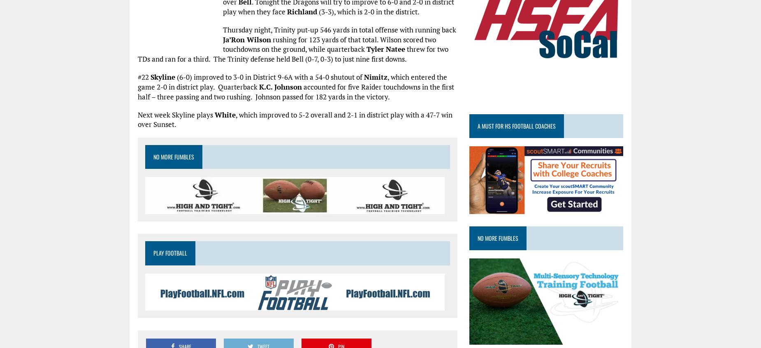 The image size is (761, 348). What do you see at coordinates (293, 53) in the screenshot?
I see `'threw for two TDs and ran for a third.  The Trinity defense held Bell (0-7, 0-3) to just nine first downs.'` at bounding box center [293, 53].